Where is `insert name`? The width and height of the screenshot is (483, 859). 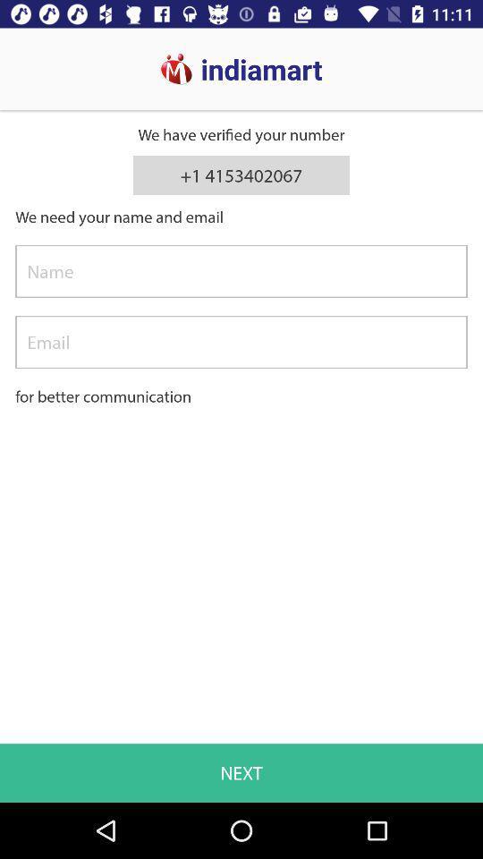 insert name is located at coordinates (241, 271).